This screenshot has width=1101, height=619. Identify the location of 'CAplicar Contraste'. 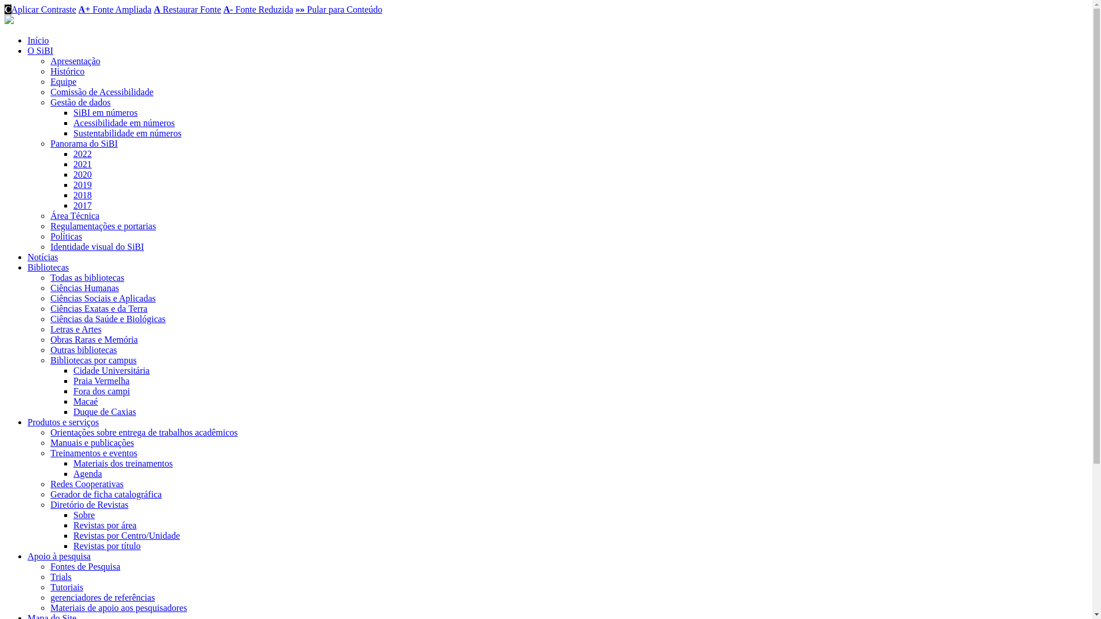
(40, 9).